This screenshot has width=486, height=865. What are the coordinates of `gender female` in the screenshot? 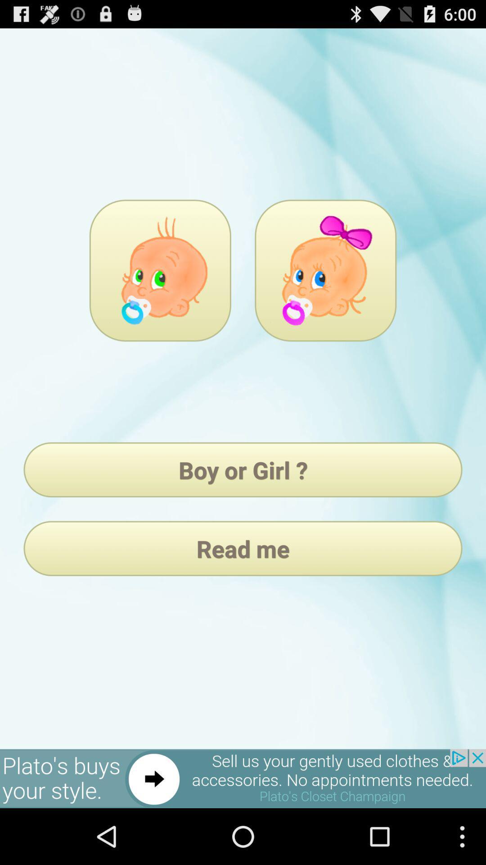 It's located at (325, 270).